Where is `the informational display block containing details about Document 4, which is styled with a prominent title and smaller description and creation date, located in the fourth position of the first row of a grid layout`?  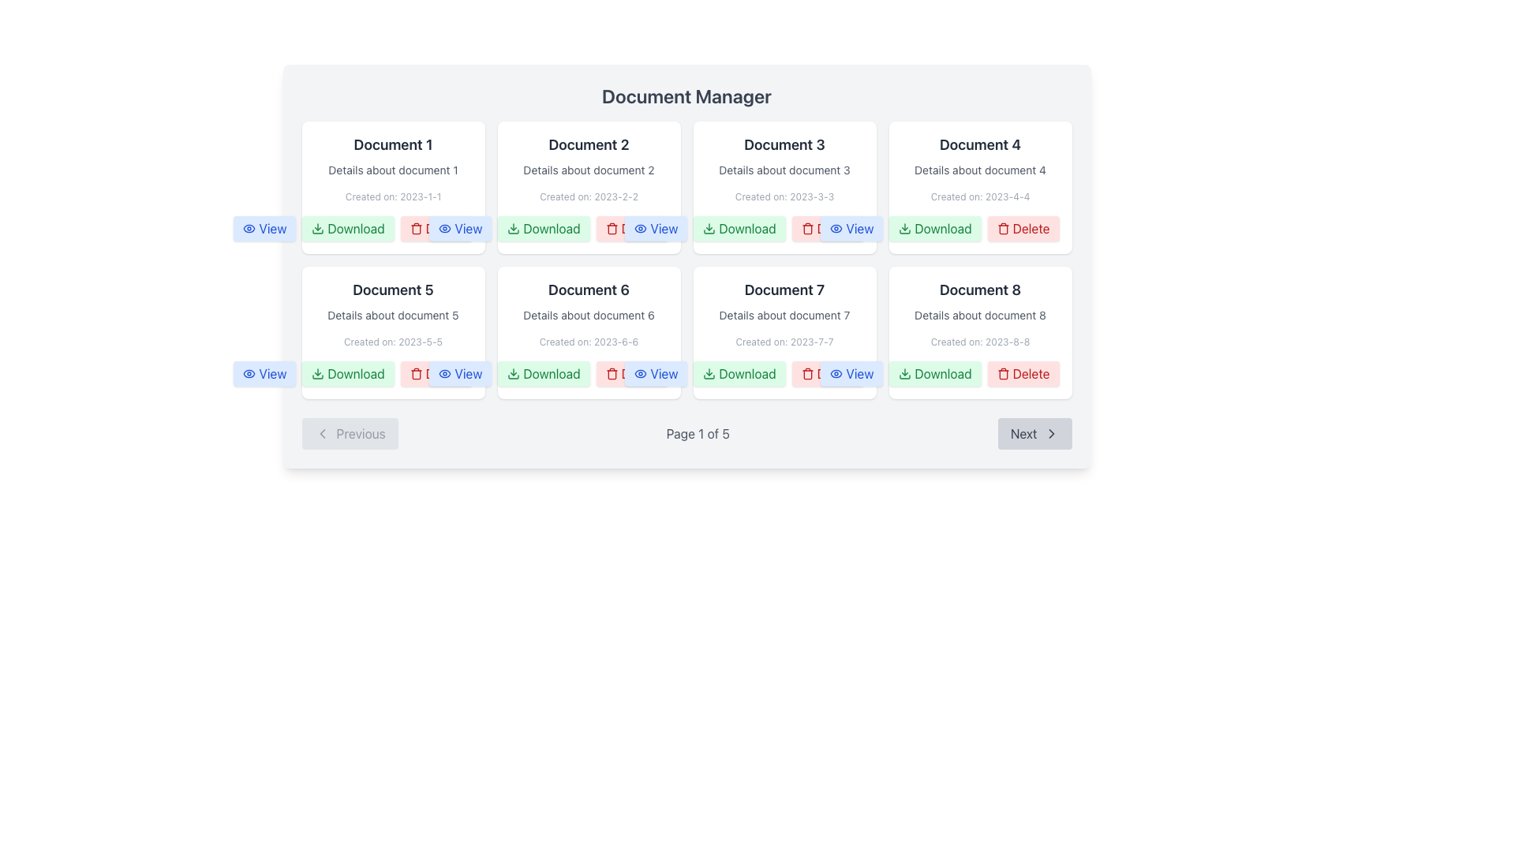 the informational display block containing details about Document 4, which is styled with a prominent title and smaller description and creation date, located in the fourth position of the first row of a grid layout is located at coordinates (979, 168).